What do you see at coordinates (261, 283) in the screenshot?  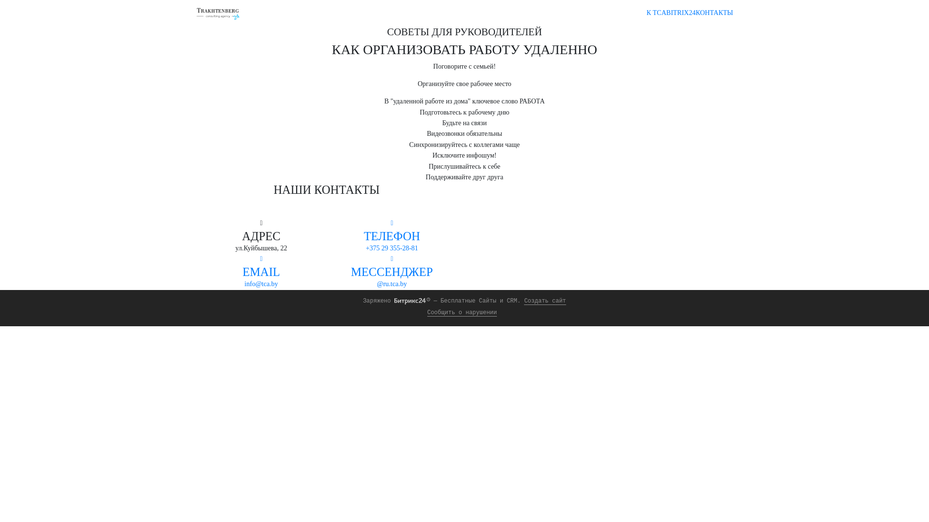 I see `'info@tca.by'` at bounding box center [261, 283].